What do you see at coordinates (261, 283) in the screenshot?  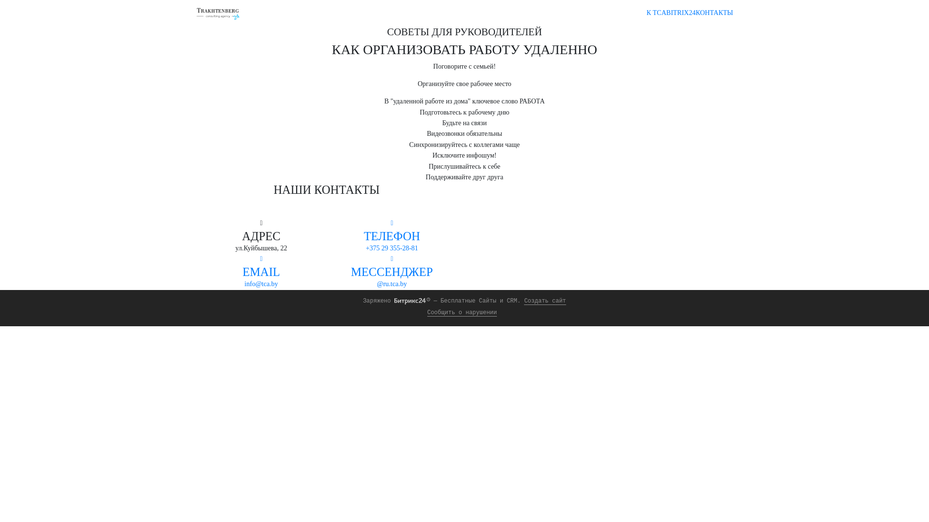 I see `'info@tca.by'` at bounding box center [261, 283].